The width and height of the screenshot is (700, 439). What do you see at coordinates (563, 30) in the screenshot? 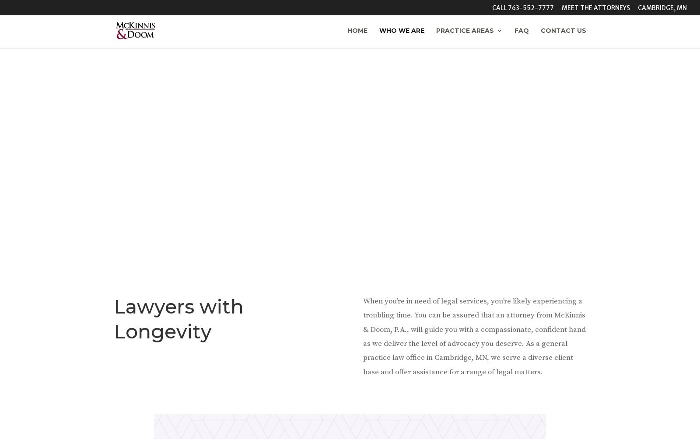
I see `'Contact Us'` at bounding box center [563, 30].